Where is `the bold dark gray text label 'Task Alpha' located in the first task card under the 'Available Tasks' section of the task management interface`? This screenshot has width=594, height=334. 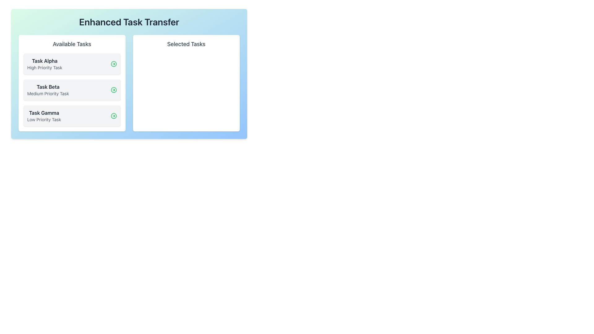 the bold dark gray text label 'Task Alpha' located in the first task card under the 'Available Tasks' section of the task management interface is located at coordinates (44, 61).